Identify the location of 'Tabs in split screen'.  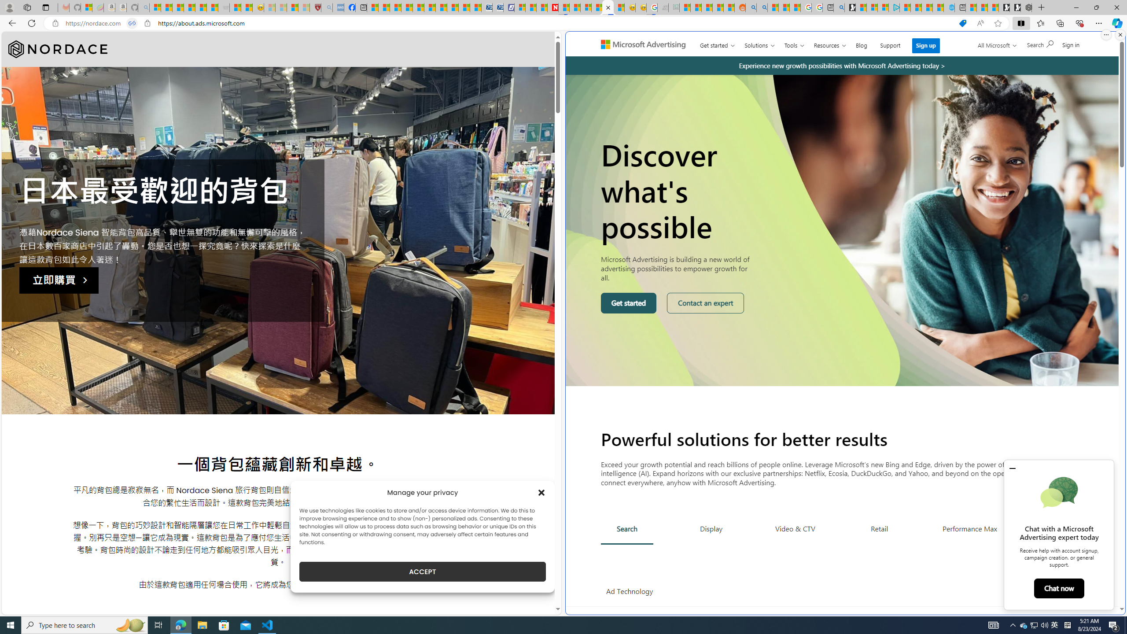
(131, 23).